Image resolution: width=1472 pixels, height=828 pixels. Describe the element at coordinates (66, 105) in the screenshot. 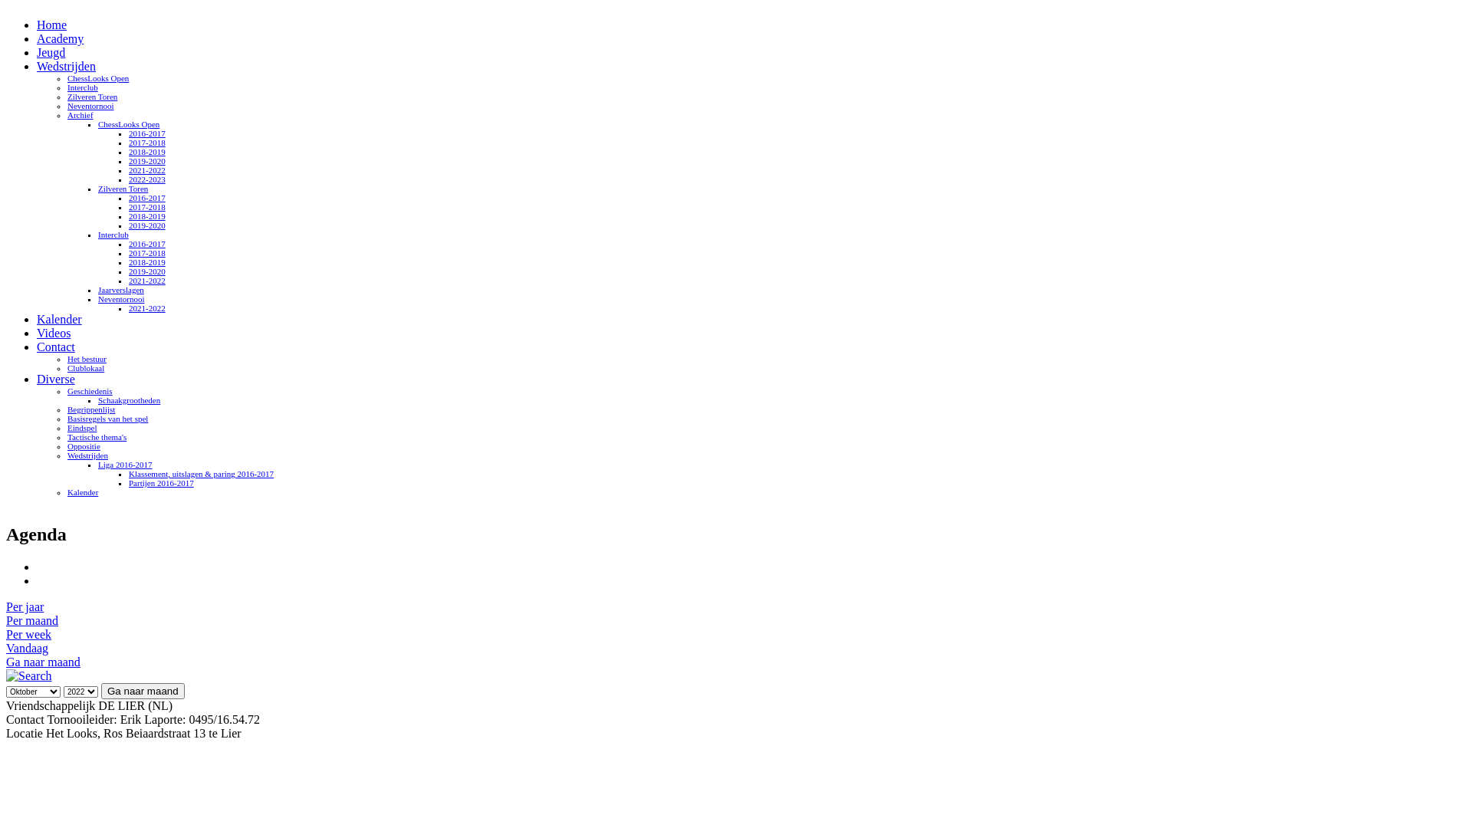

I see `'Neventornooi'` at that location.